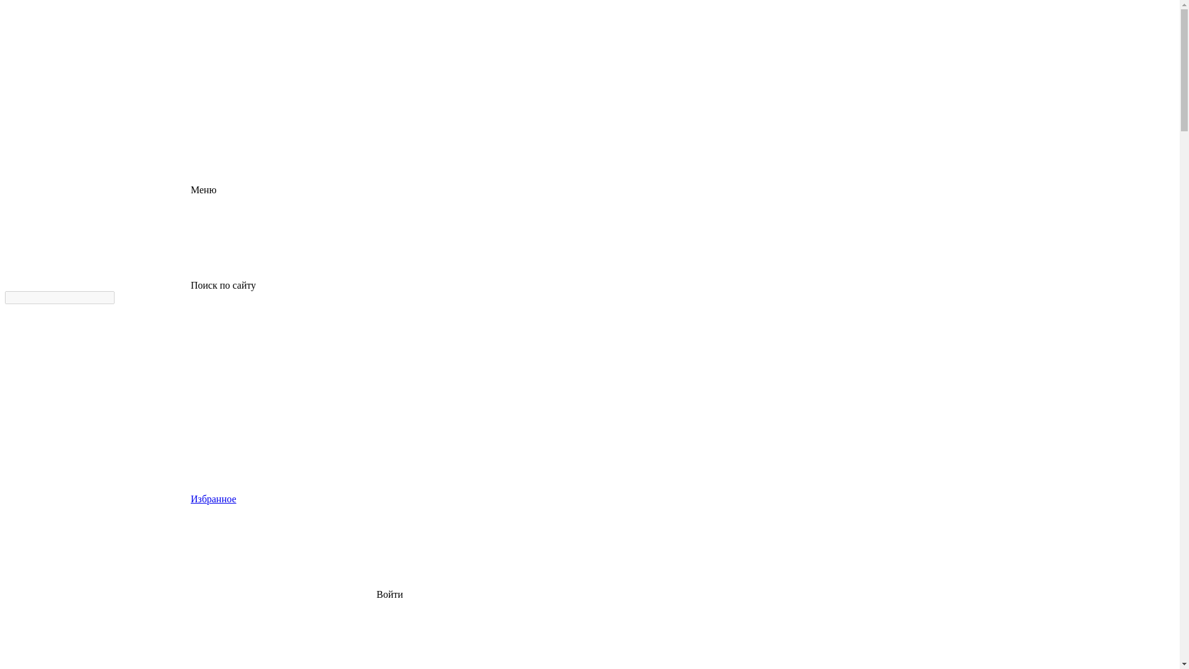 This screenshot has height=669, width=1189. What do you see at coordinates (97, 51) in the screenshot?
I see `'logo'` at bounding box center [97, 51].